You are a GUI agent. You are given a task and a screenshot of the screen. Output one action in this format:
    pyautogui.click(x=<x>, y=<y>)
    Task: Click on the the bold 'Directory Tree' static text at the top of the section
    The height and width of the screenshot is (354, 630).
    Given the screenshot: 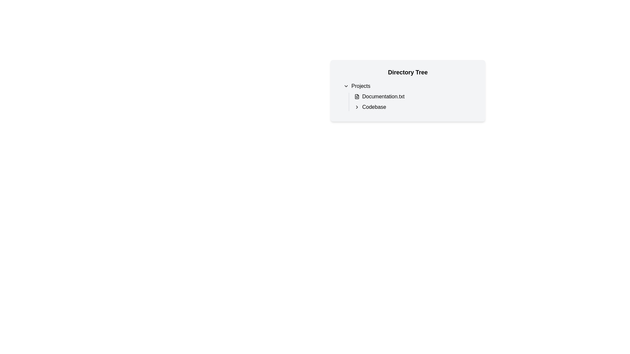 What is the action you would take?
    pyautogui.click(x=408, y=72)
    